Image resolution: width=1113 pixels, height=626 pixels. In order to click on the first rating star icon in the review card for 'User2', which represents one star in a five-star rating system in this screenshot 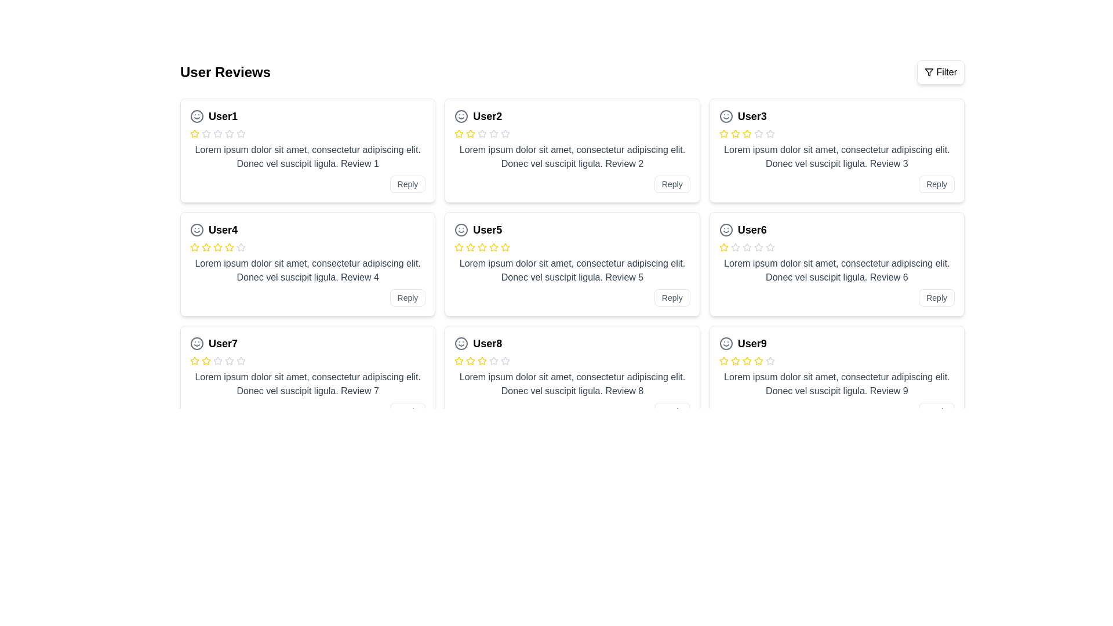, I will do `click(459, 133)`.